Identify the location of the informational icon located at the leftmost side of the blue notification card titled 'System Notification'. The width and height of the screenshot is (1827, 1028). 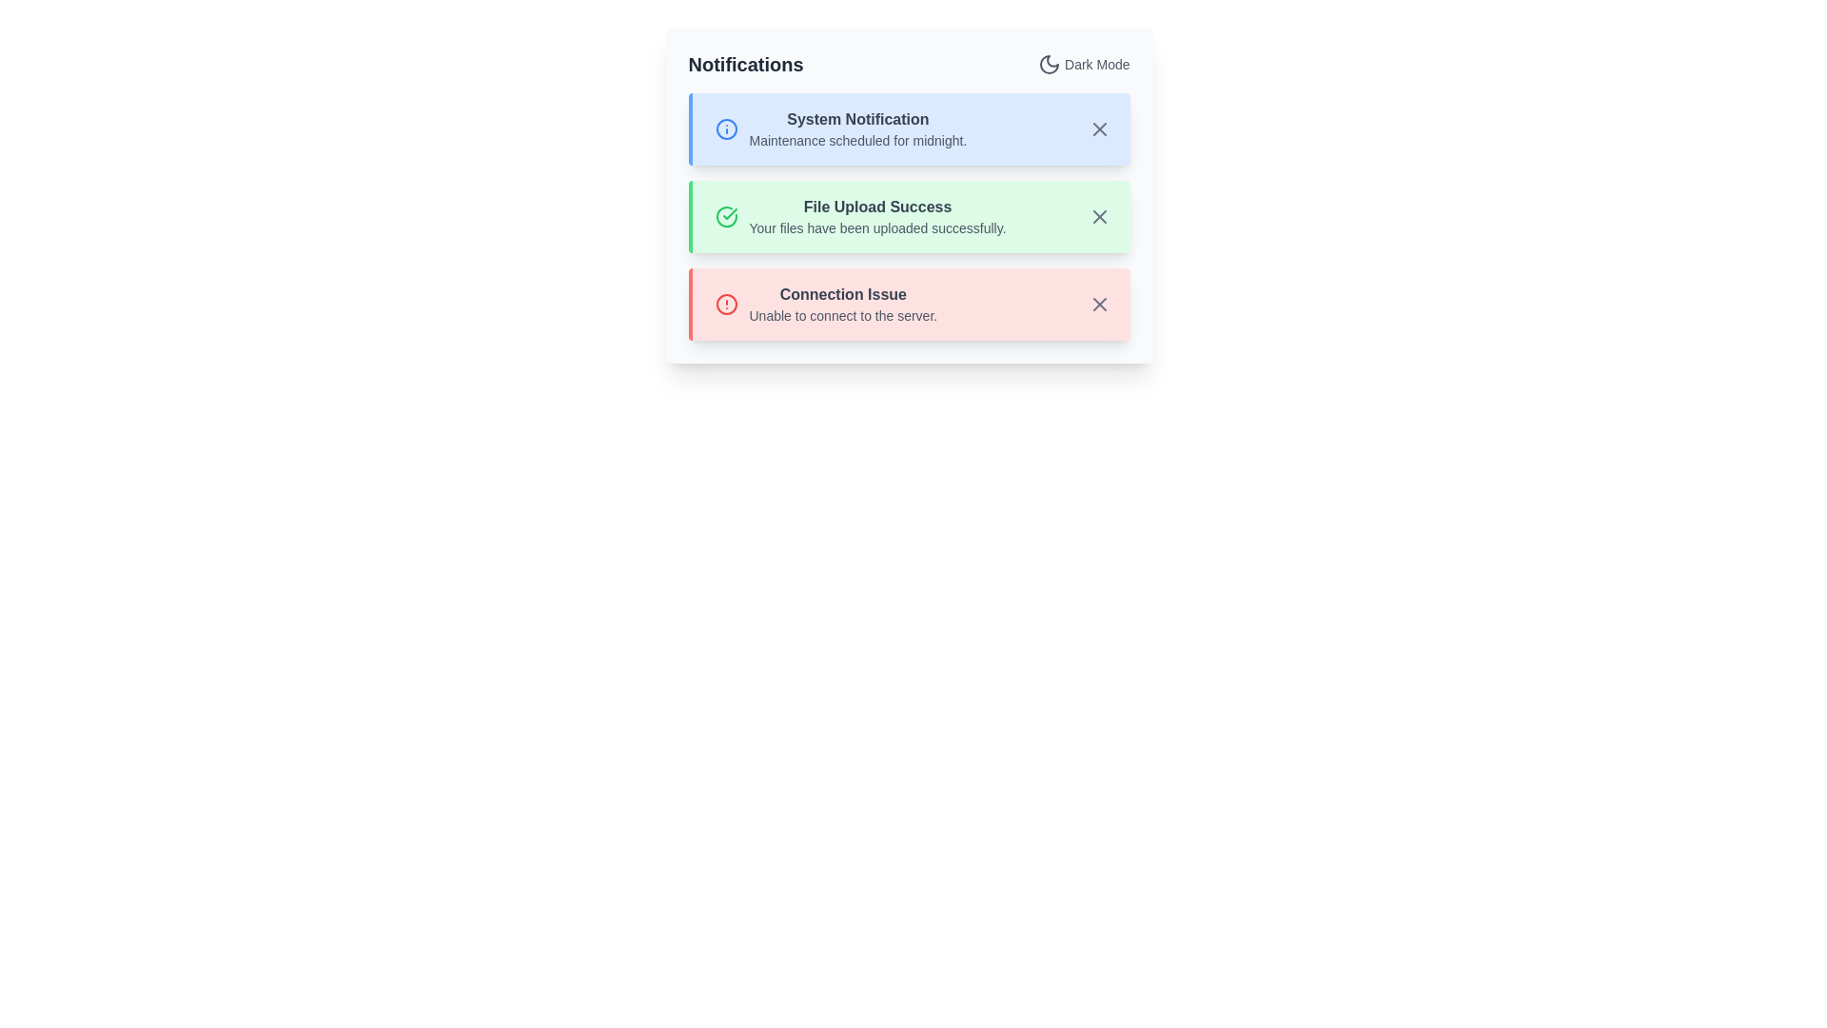
(725, 128).